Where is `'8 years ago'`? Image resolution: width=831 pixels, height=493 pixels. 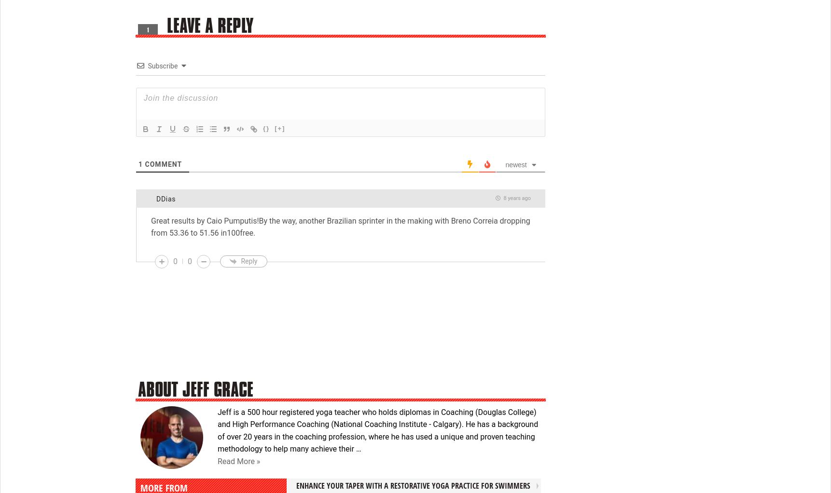
'8 years ago' is located at coordinates (516, 198).